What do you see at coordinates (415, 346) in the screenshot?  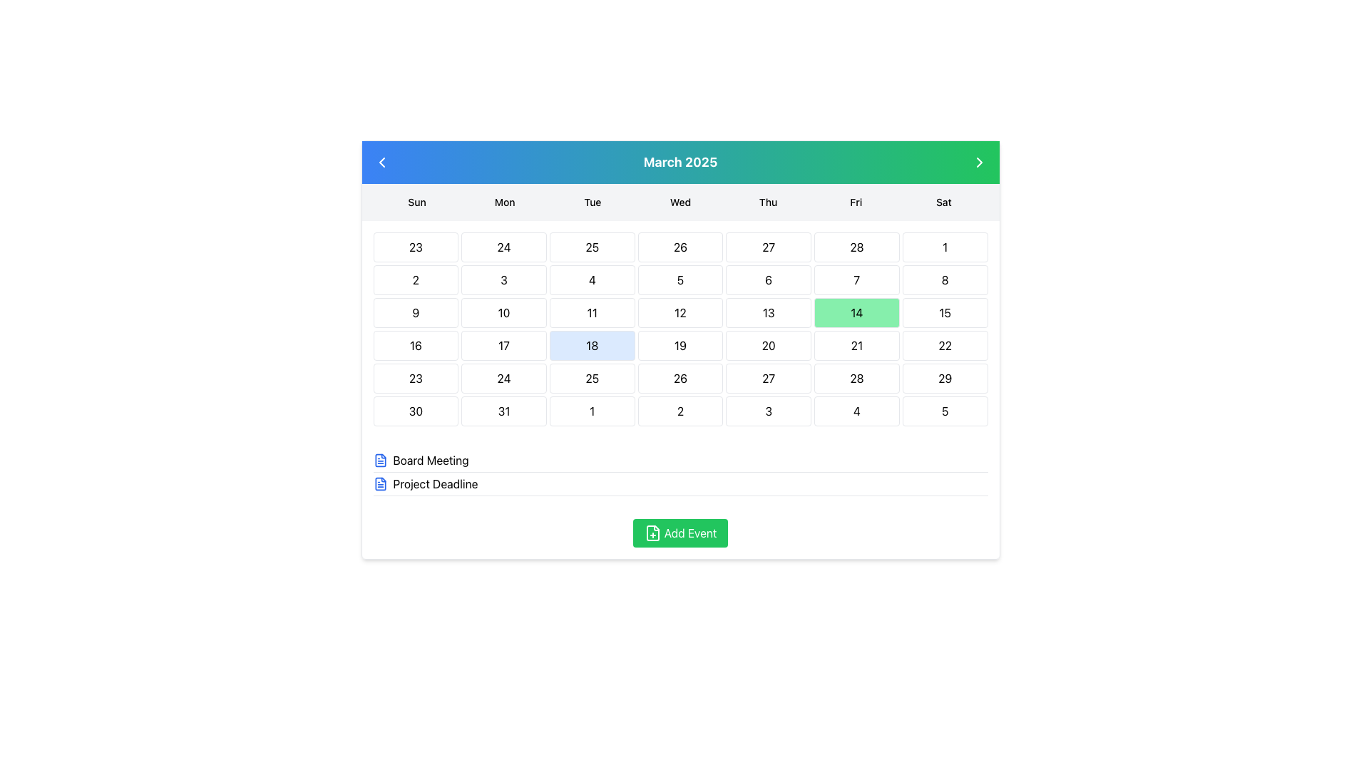 I see `the Date button labeled '16'` at bounding box center [415, 346].